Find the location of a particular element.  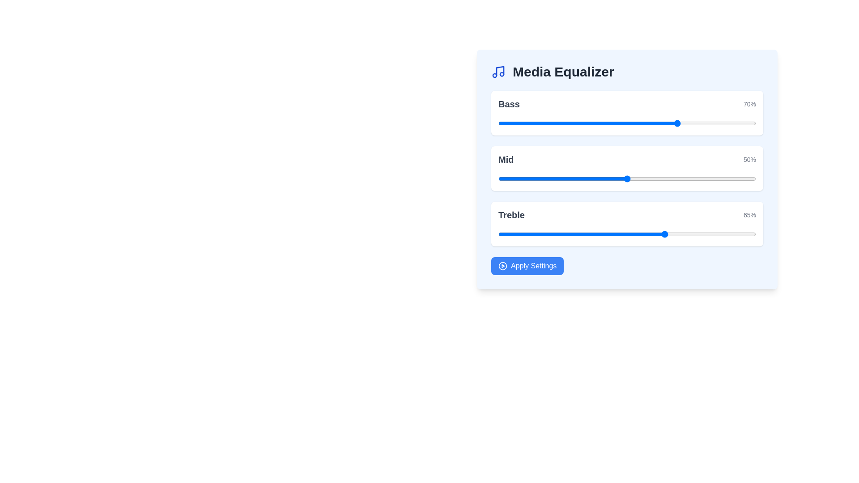

the Text label that serves as a header for the media equalizer settings panel, located directly above the audio sliders is located at coordinates (563, 72).